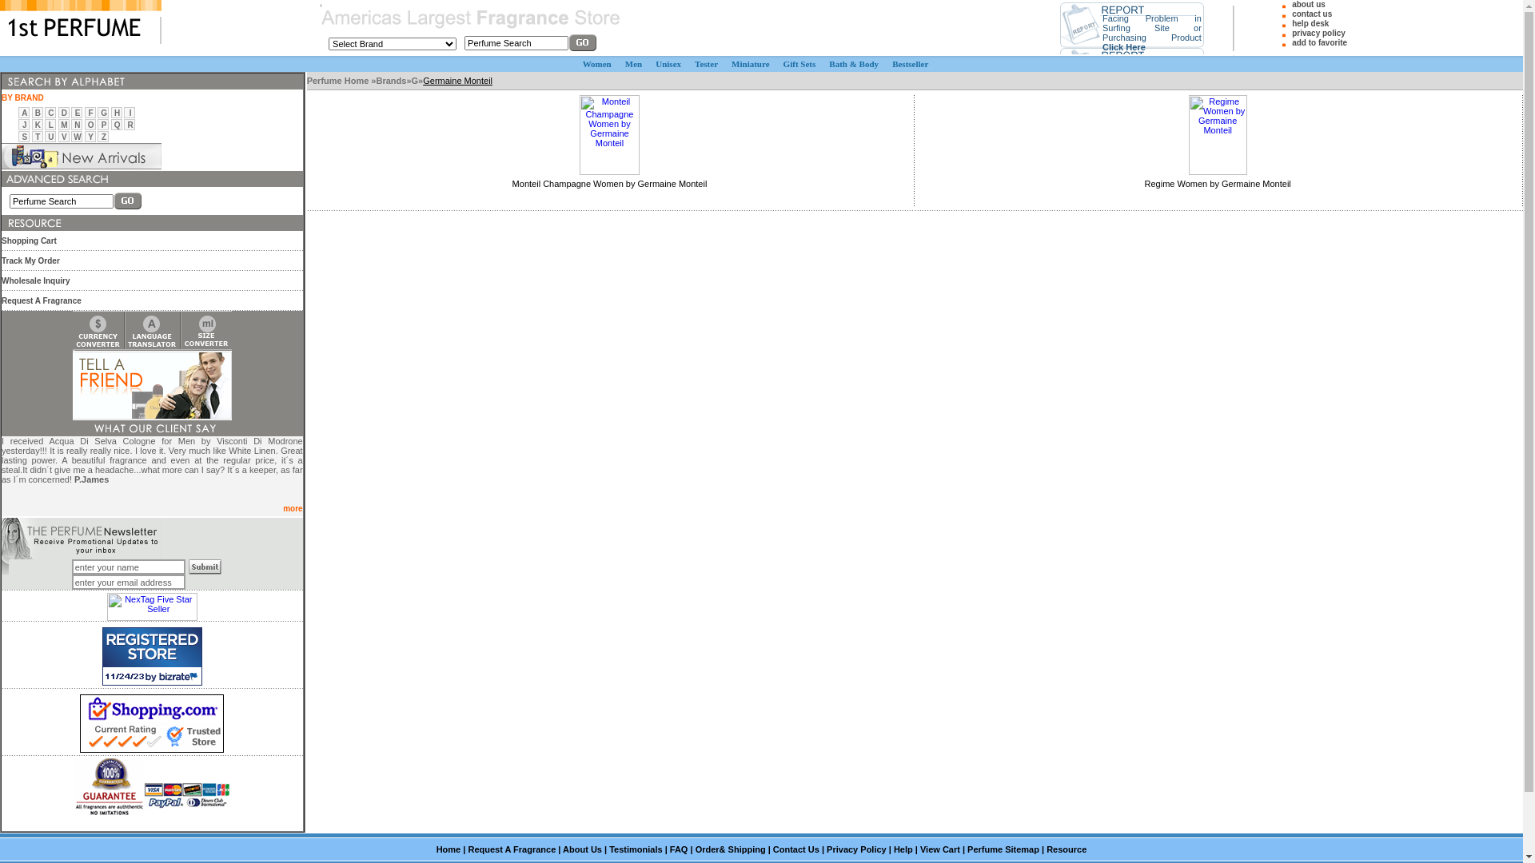  Describe the element at coordinates (855, 849) in the screenshot. I see `'Privacy Policy'` at that location.